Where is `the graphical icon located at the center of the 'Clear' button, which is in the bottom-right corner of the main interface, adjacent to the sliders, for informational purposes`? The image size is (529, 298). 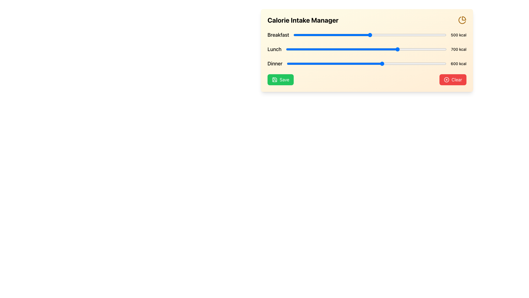 the graphical icon located at the center of the 'Clear' button, which is in the bottom-right corner of the main interface, adjacent to the sliders, for informational purposes is located at coordinates (447, 80).